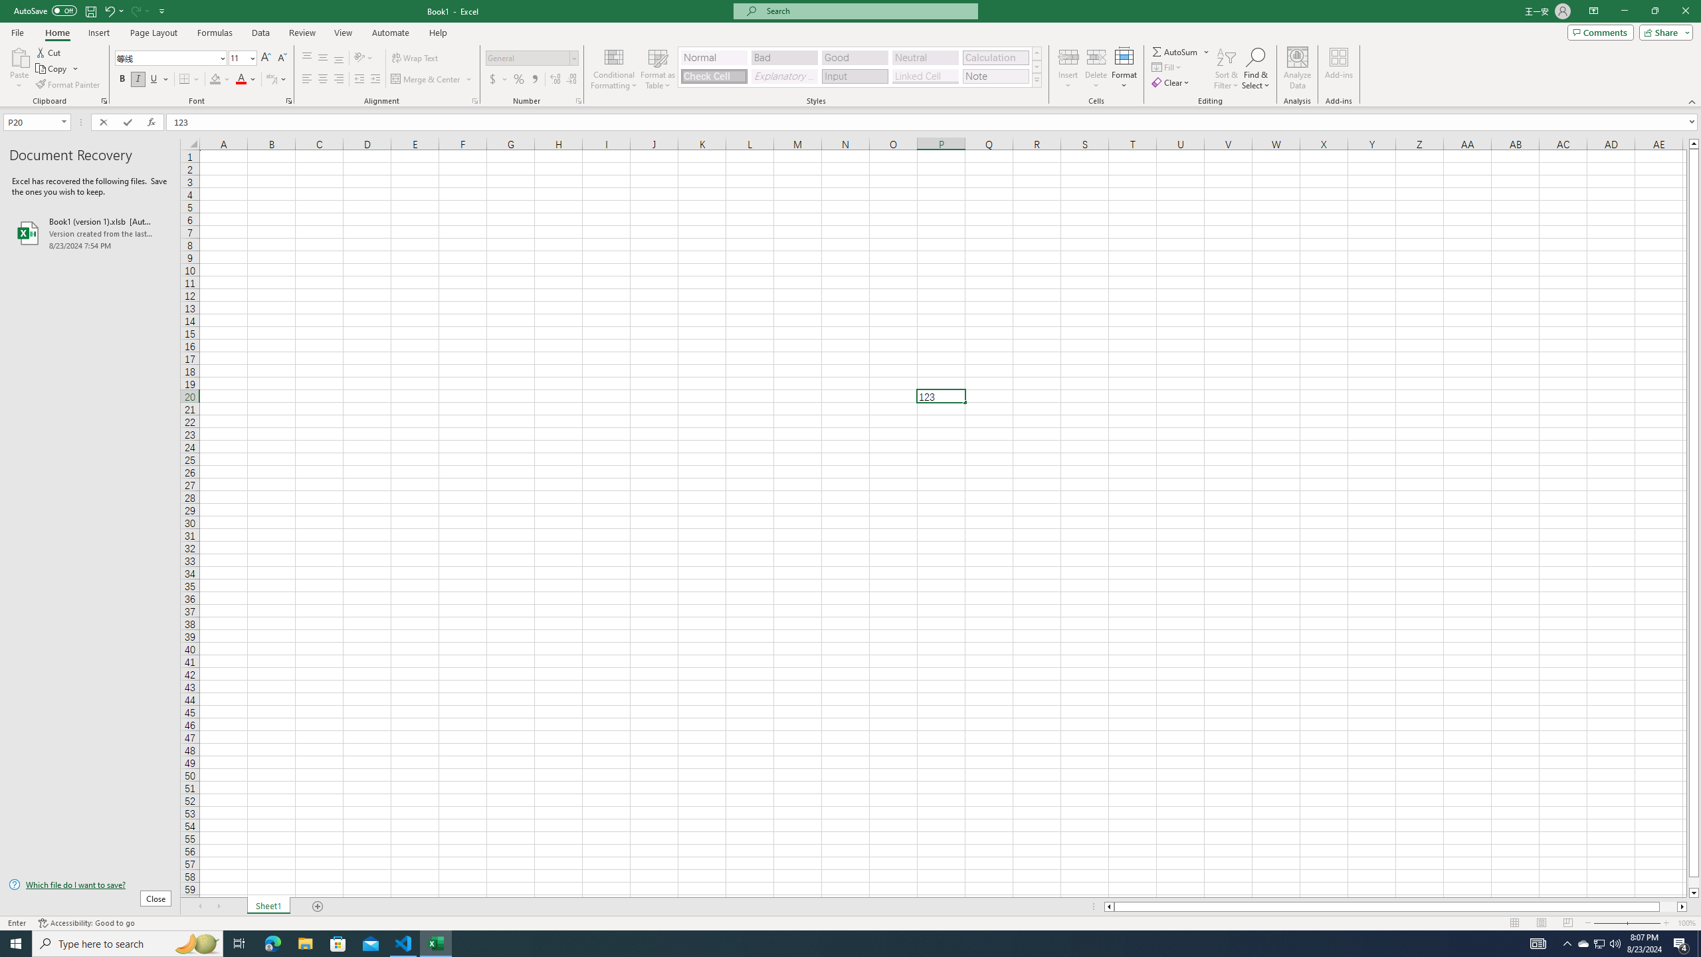 The width and height of the screenshot is (1701, 957). I want to click on 'Fill Color RGB(255, 255, 0)', so click(214, 78).